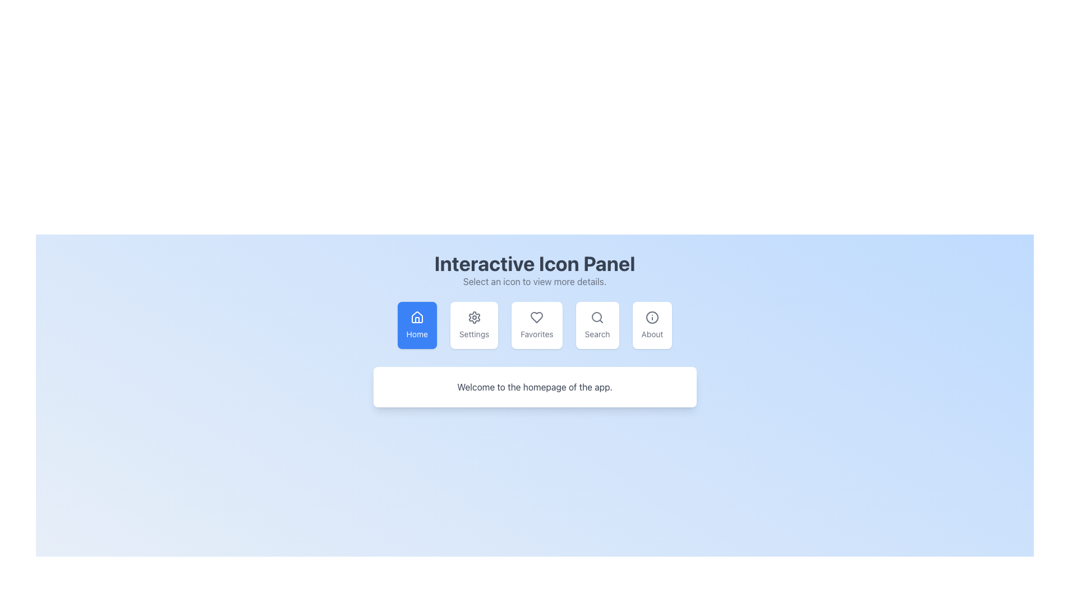 The image size is (1077, 606). What do you see at coordinates (652, 334) in the screenshot?
I see `text label displaying 'About', which is styled in gray and positioned under an icon on the far right of the interactive icon panel` at bounding box center [652, 334].